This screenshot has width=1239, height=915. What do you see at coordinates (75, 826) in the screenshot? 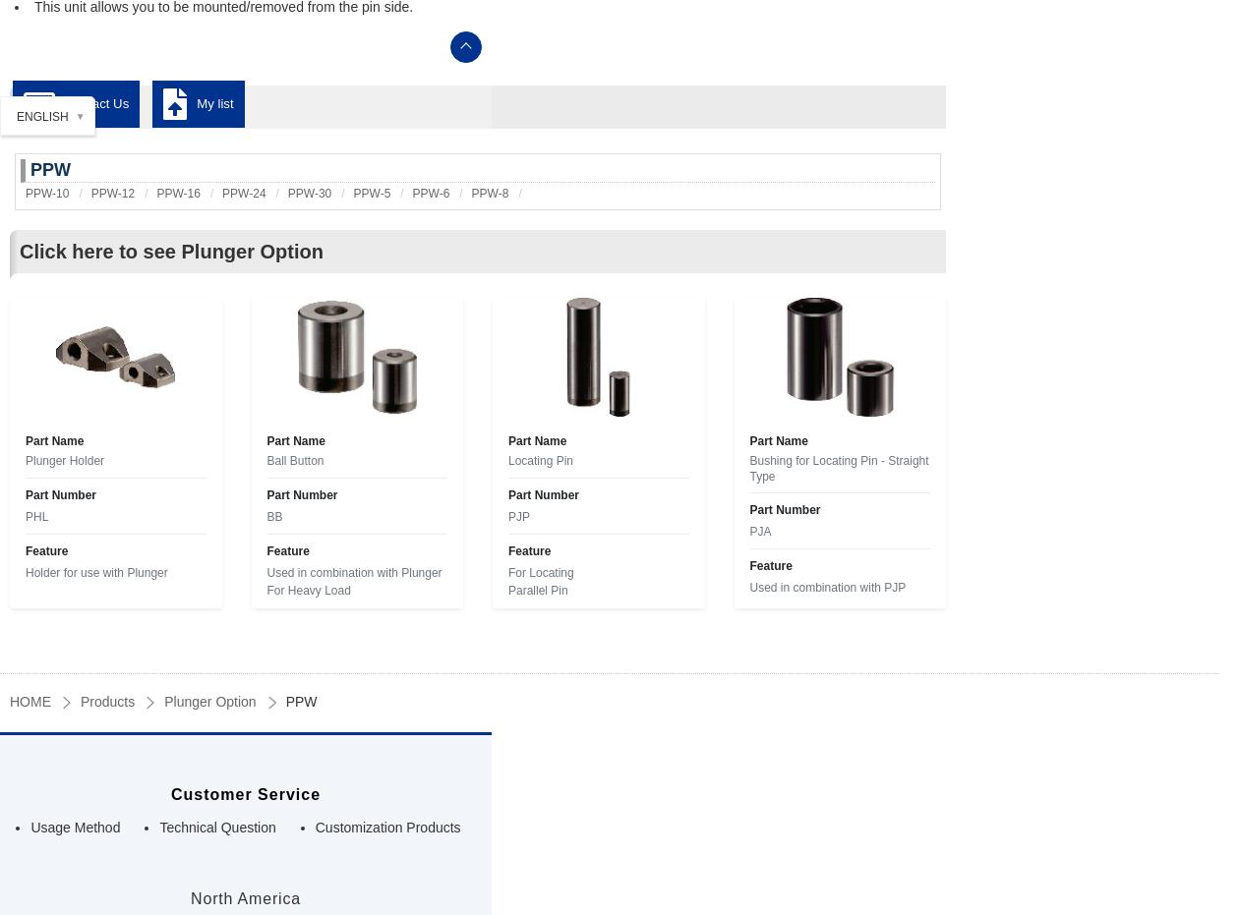
I see `'Usage Method'` at bounding box center [75, 826].